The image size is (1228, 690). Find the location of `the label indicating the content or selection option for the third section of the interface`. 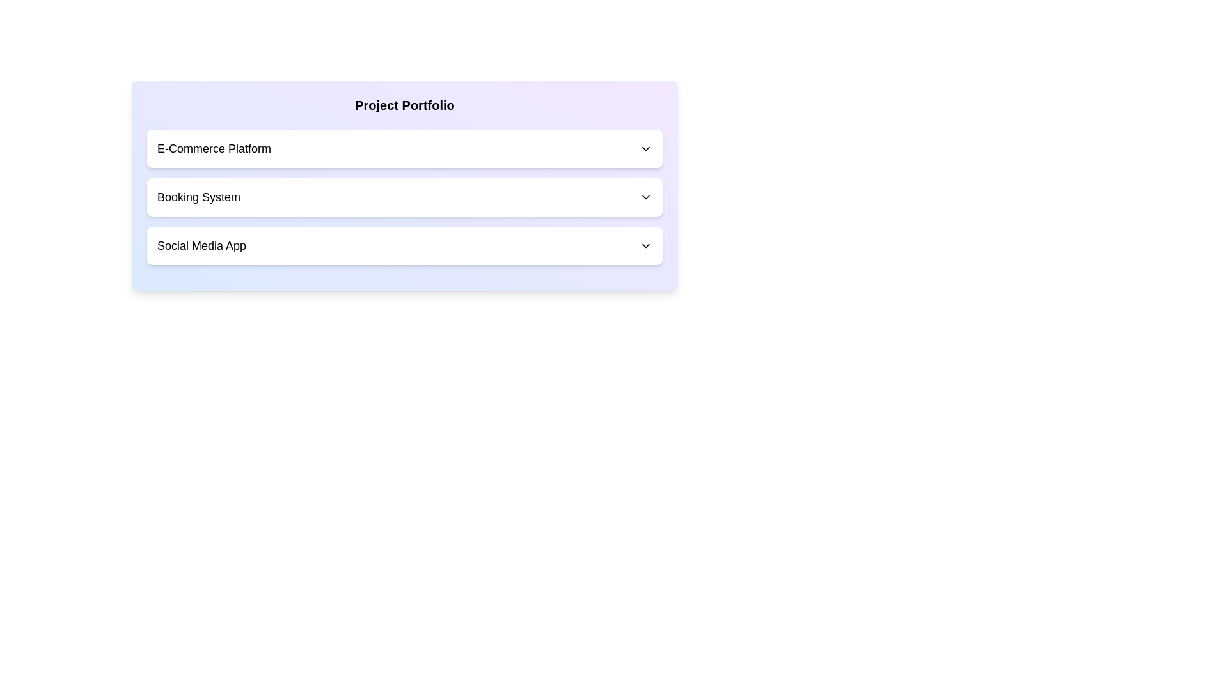

the label indicating the content or selection option for the third section of the interface is located at coordinates (201, 246).